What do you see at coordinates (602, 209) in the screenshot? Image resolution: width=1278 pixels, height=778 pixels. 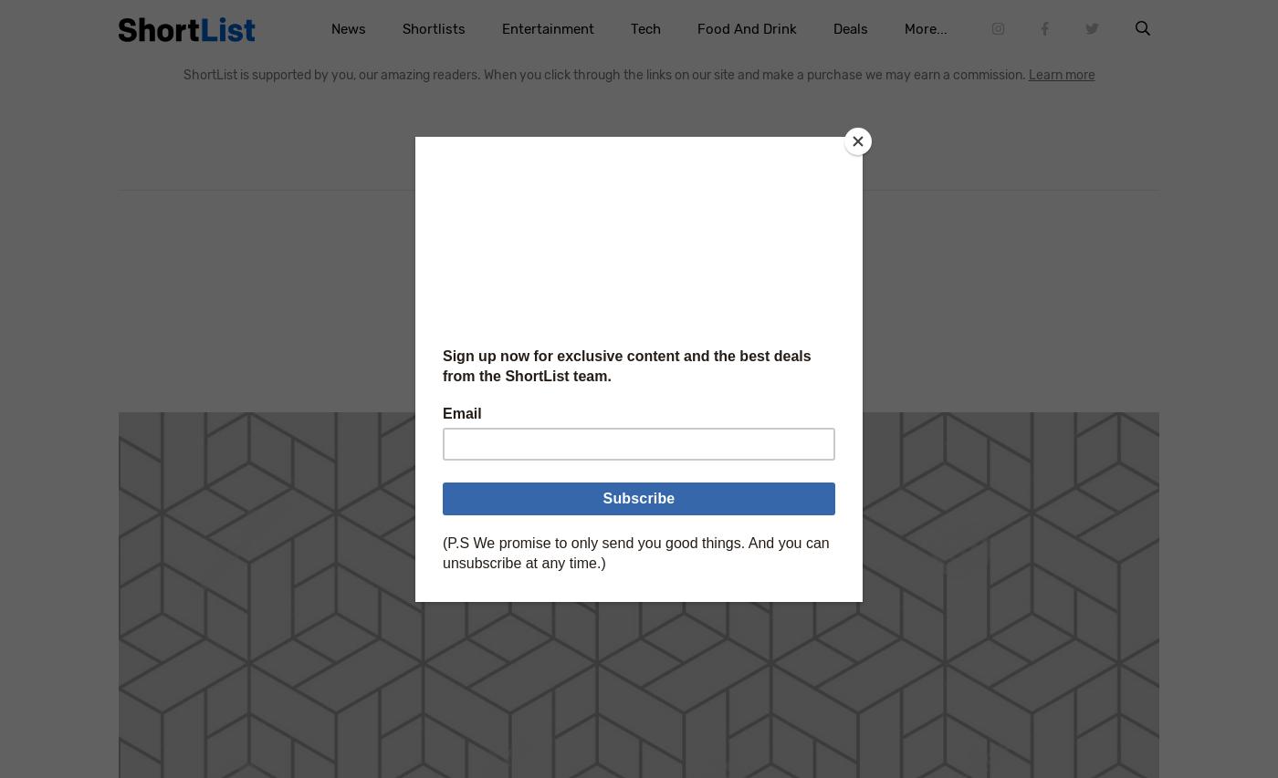 I see `'Home'` at bounding box center [602, 209].